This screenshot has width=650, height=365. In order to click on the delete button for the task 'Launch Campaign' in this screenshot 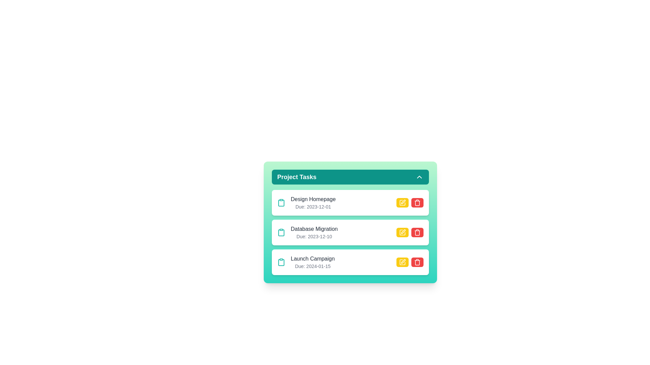, I will do `click(417, 262)`.